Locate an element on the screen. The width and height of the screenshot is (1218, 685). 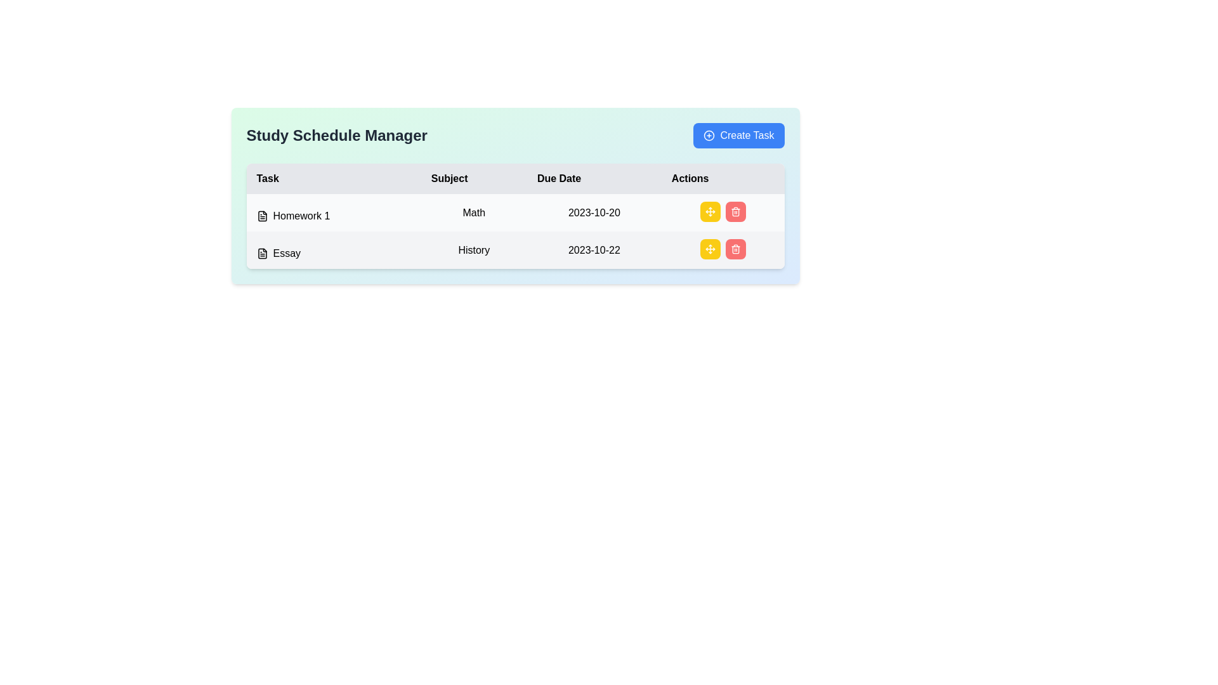
the document icon representing the 'Essay' task, which is the first item in the second row of the table under the 'Task' column, aligned left to the text 'Essay' is located at coordinates (261, 254).